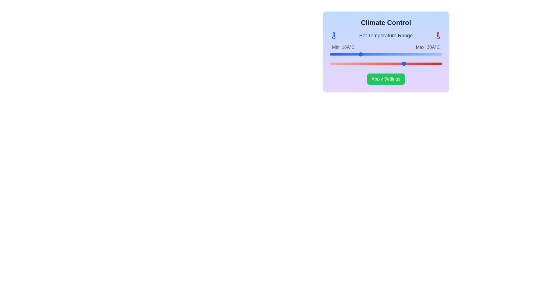  I want to click on the maximum temperature range to 38°C using the right slider, so click(434, 63).